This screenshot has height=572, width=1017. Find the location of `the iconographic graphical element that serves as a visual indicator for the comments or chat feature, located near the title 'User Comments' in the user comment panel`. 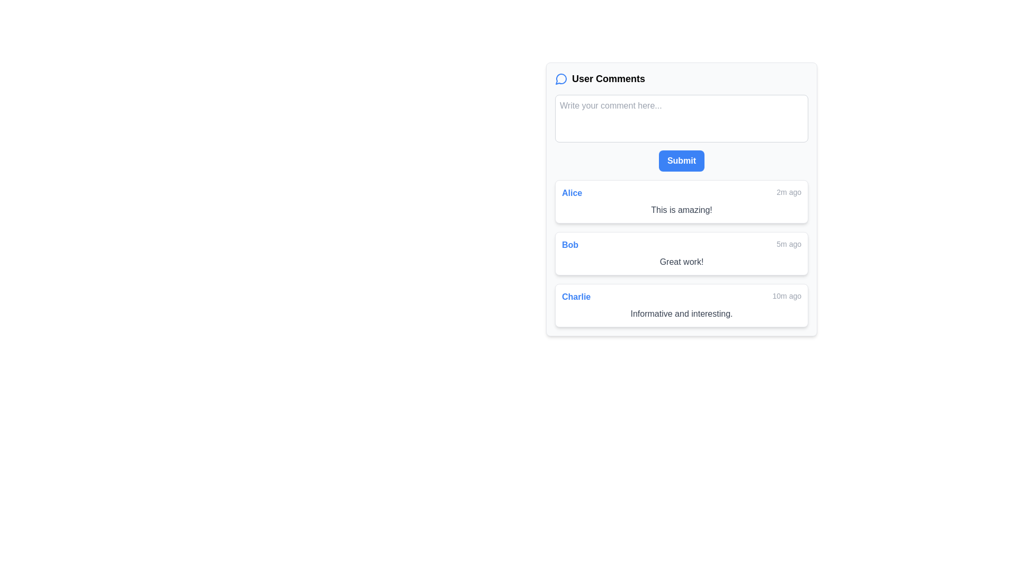

the iconographic graphical element that serves as a visual indicator for the comments or chat feature, located near the title 'User Comments' in the user comment panel is located at coordinates (560, 78).